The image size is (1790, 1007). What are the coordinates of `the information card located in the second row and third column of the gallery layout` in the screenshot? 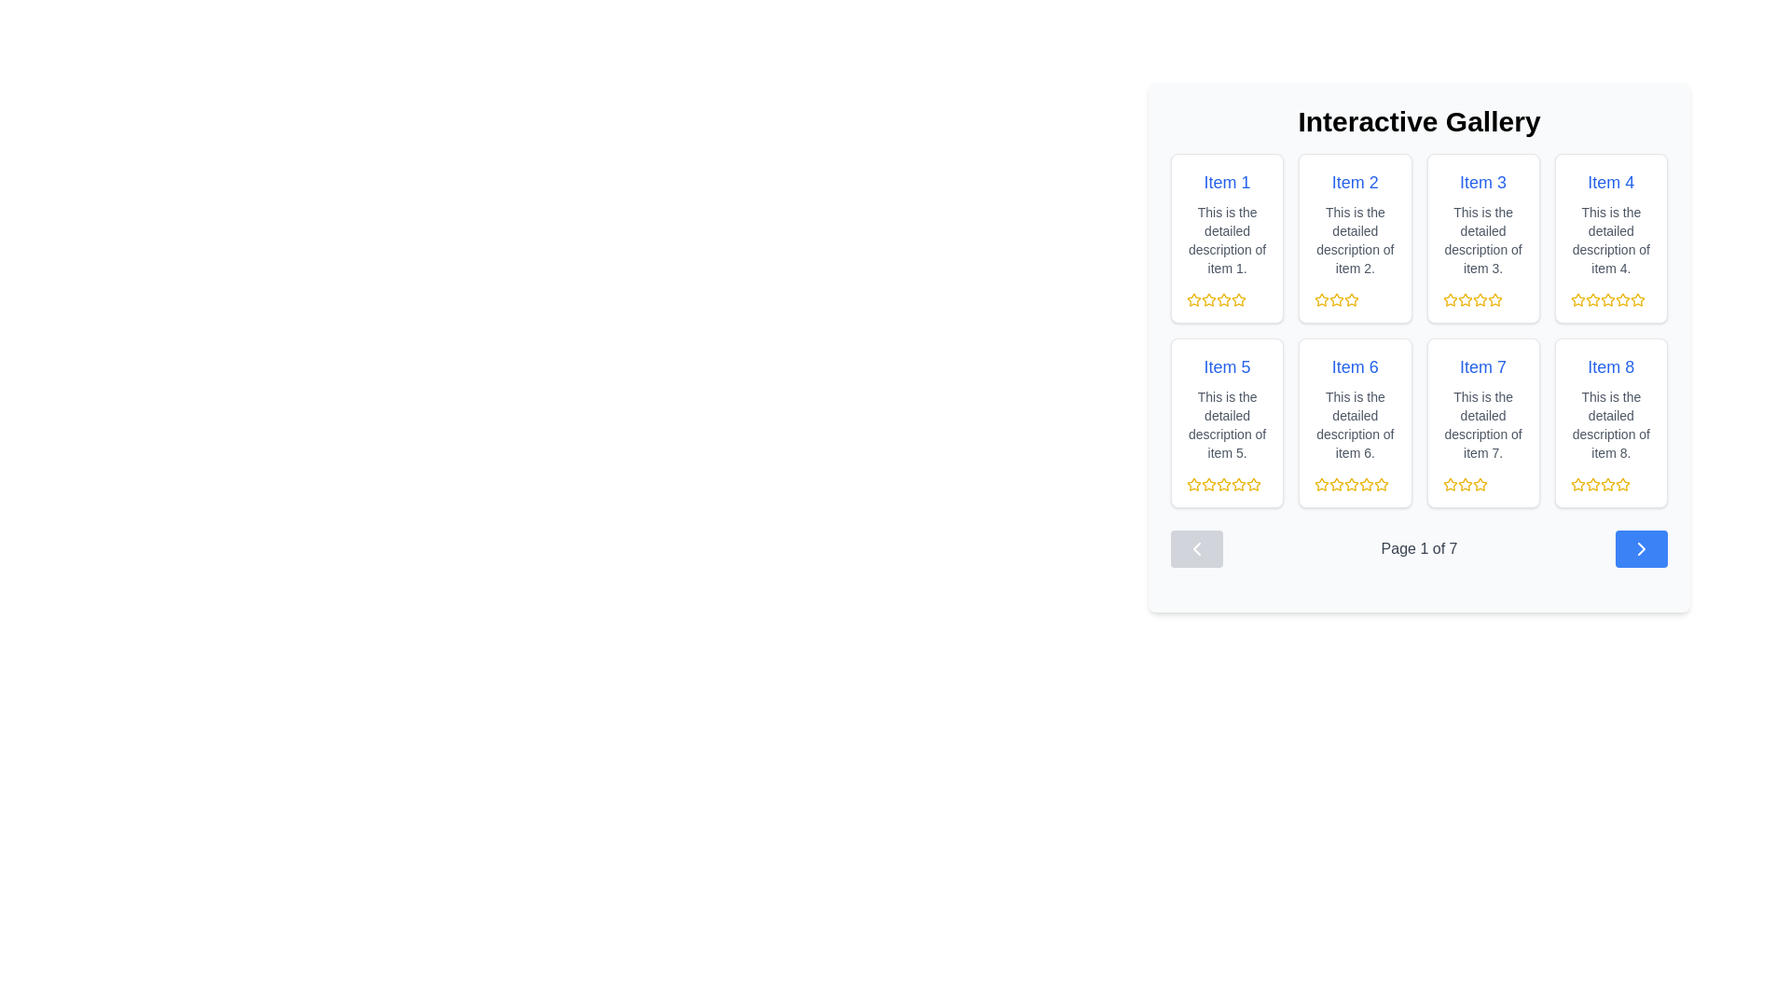 It's located at (1482, 423).